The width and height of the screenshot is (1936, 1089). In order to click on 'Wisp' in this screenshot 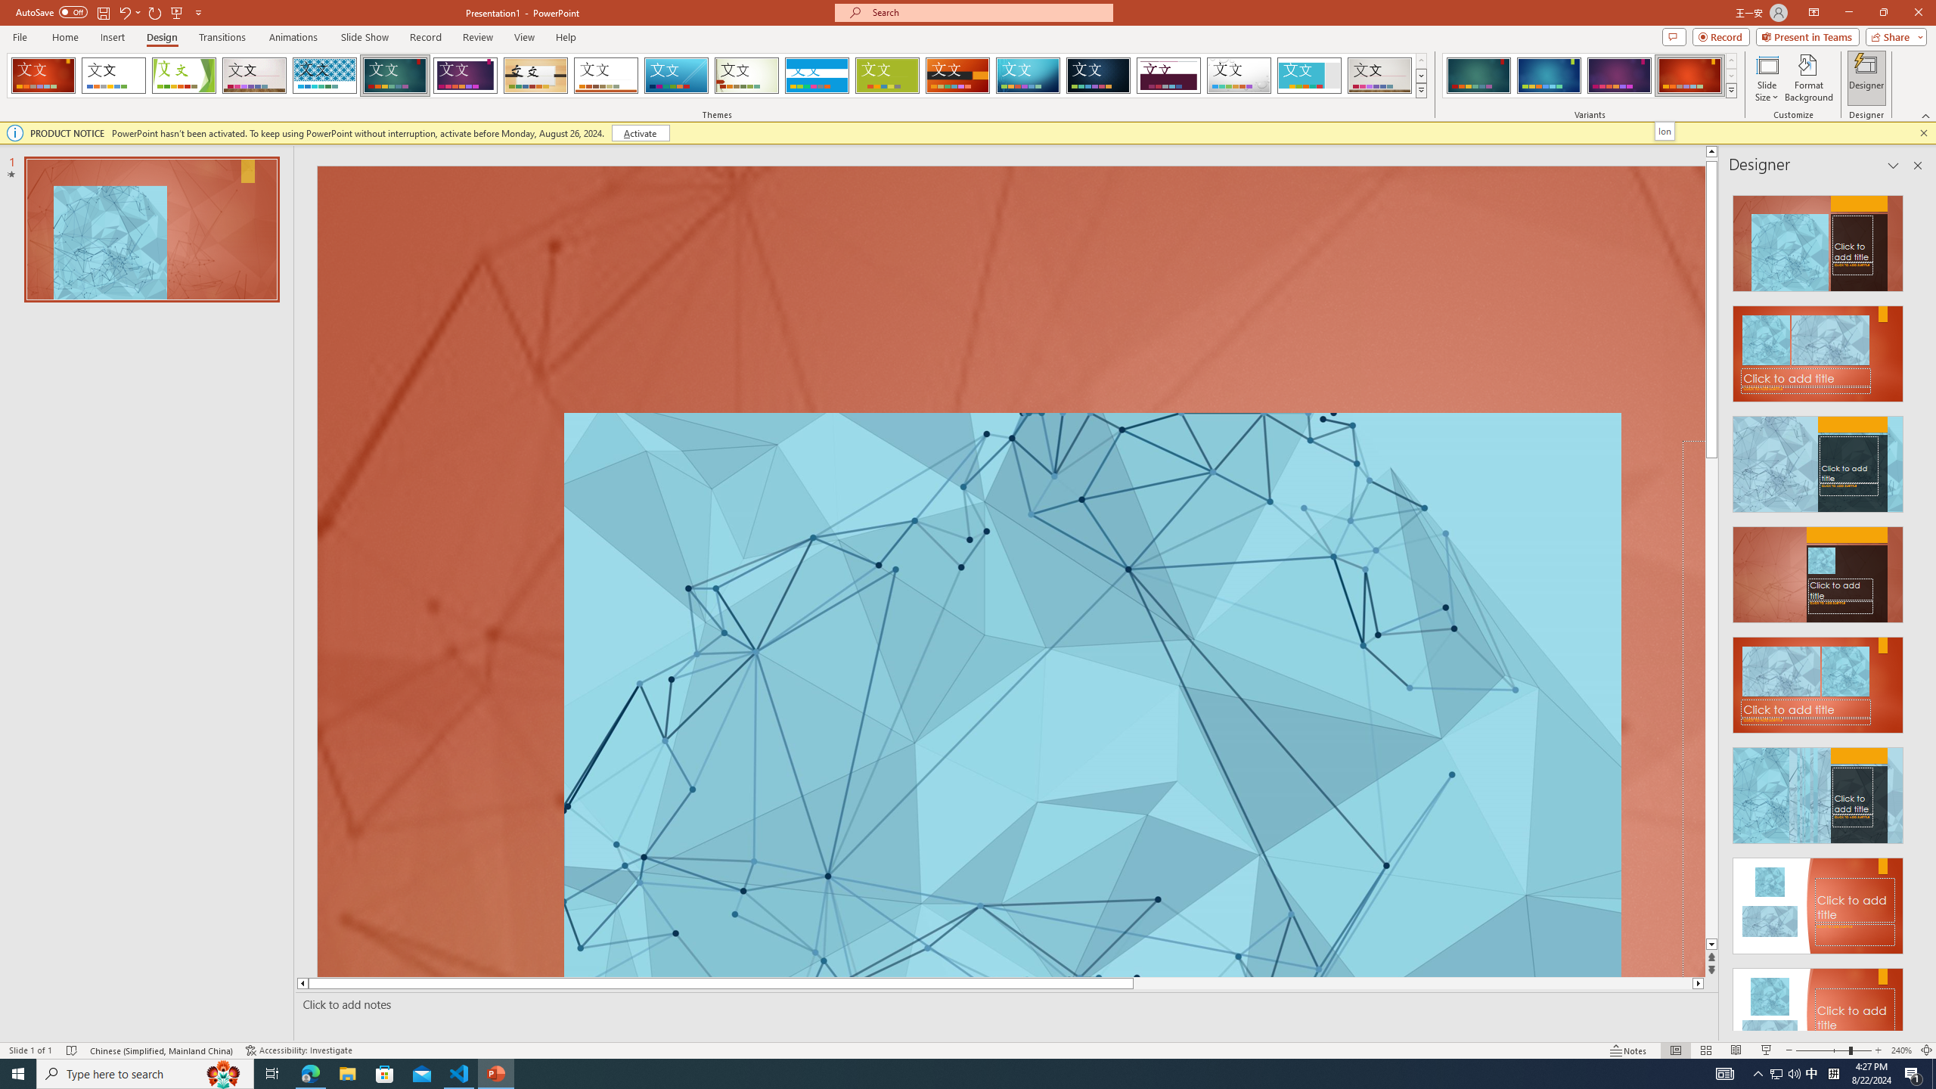, I will do `click(746, 75)`.